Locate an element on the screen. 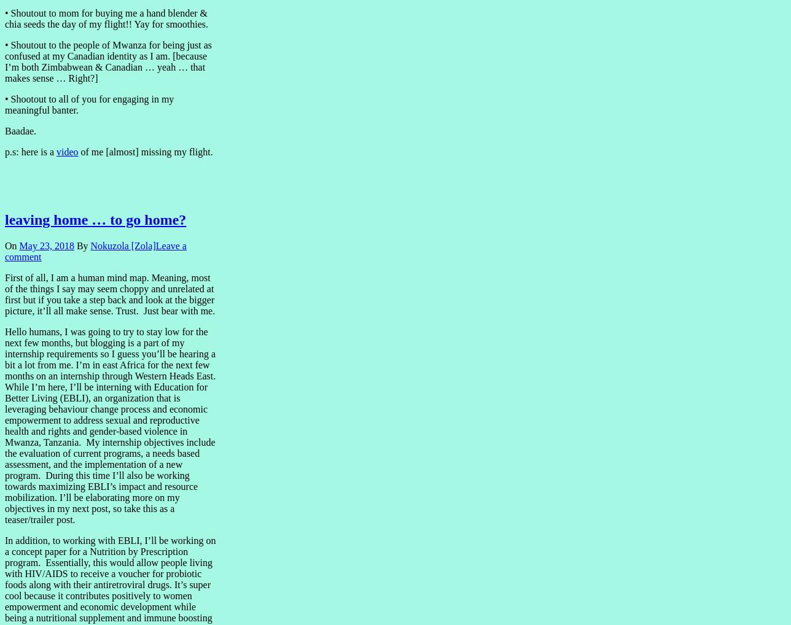  'video' is located at coordinates (66, 151).